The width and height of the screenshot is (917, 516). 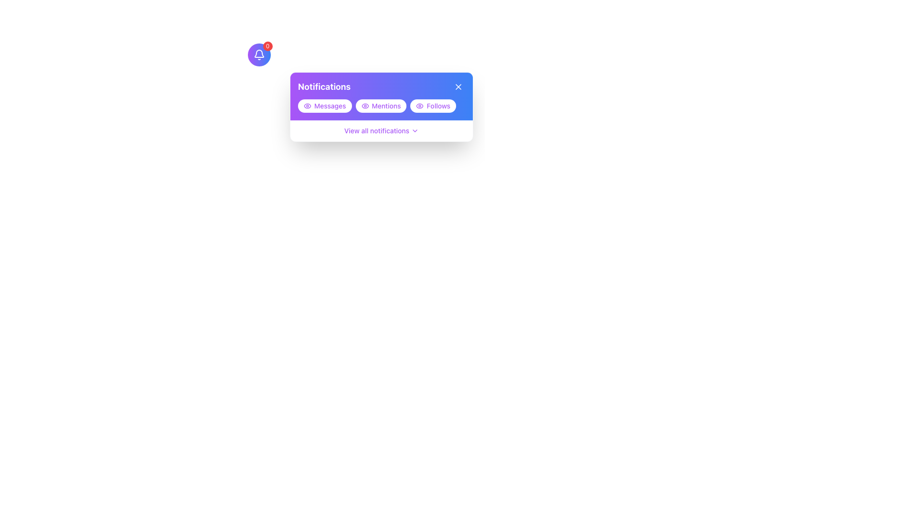 I want to click on the circular red notification badge displaying '0' located at the top-right corner of the notification bell icon, so click(x=267, y=46).